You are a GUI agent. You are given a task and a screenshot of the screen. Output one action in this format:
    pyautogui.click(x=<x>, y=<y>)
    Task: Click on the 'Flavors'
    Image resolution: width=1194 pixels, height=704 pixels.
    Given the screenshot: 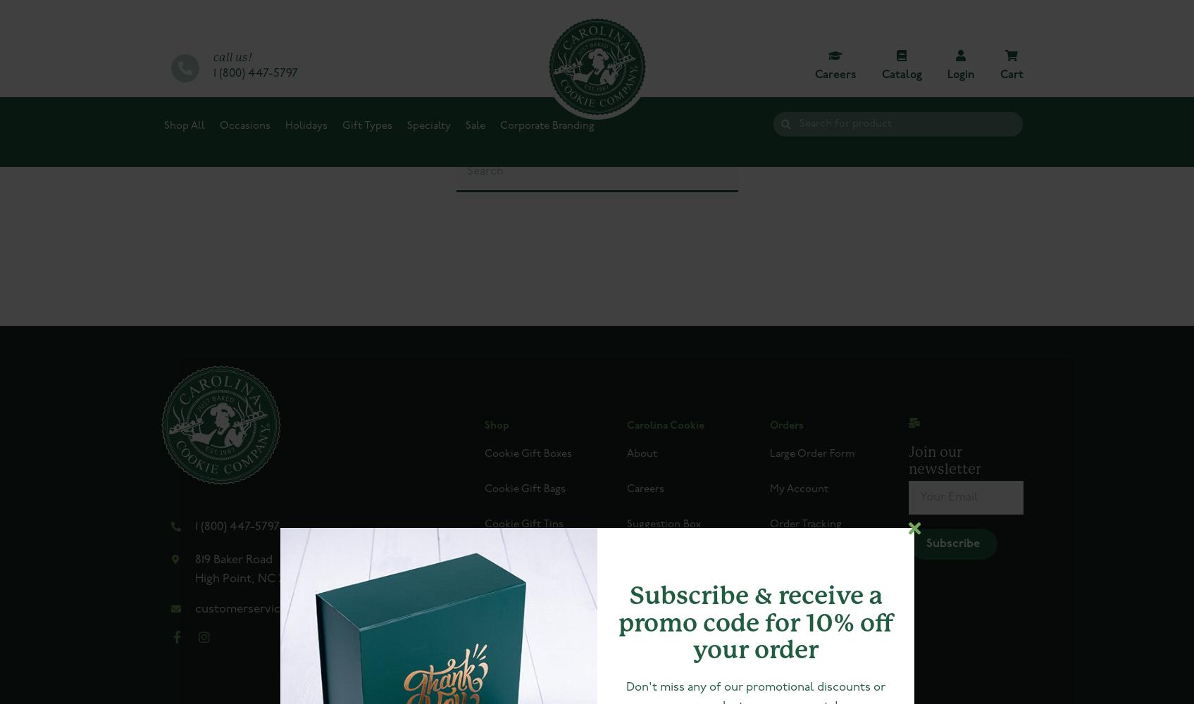 What is the action you would take?
    pyautogui.click(x=644, y=594)
    